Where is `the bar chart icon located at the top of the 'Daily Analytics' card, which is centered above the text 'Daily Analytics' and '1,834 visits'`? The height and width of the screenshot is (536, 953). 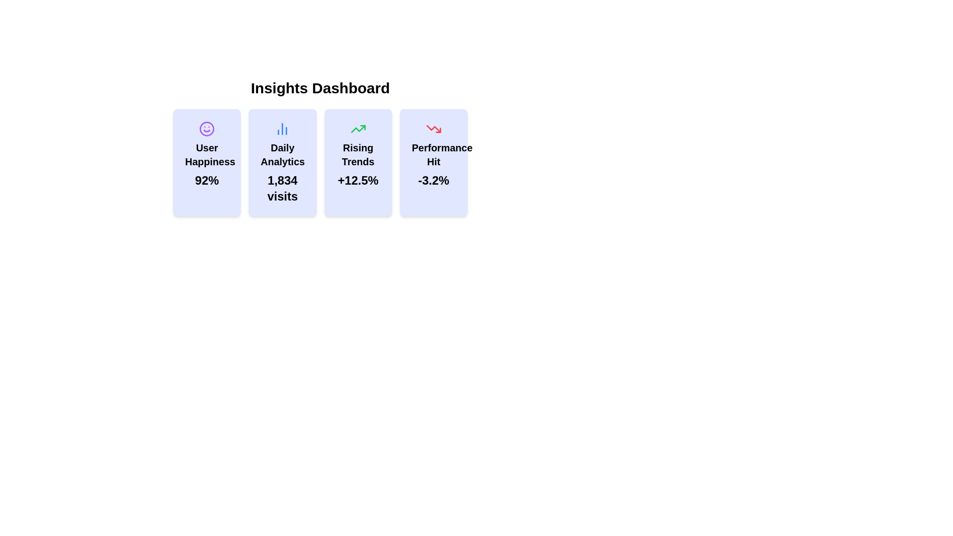
the bar chart icon located at the top of the 'Daily Analytics' card, which is centered above the text 'Daily Analytics' and '1,834 visits' is located at coordinates (282, 128).